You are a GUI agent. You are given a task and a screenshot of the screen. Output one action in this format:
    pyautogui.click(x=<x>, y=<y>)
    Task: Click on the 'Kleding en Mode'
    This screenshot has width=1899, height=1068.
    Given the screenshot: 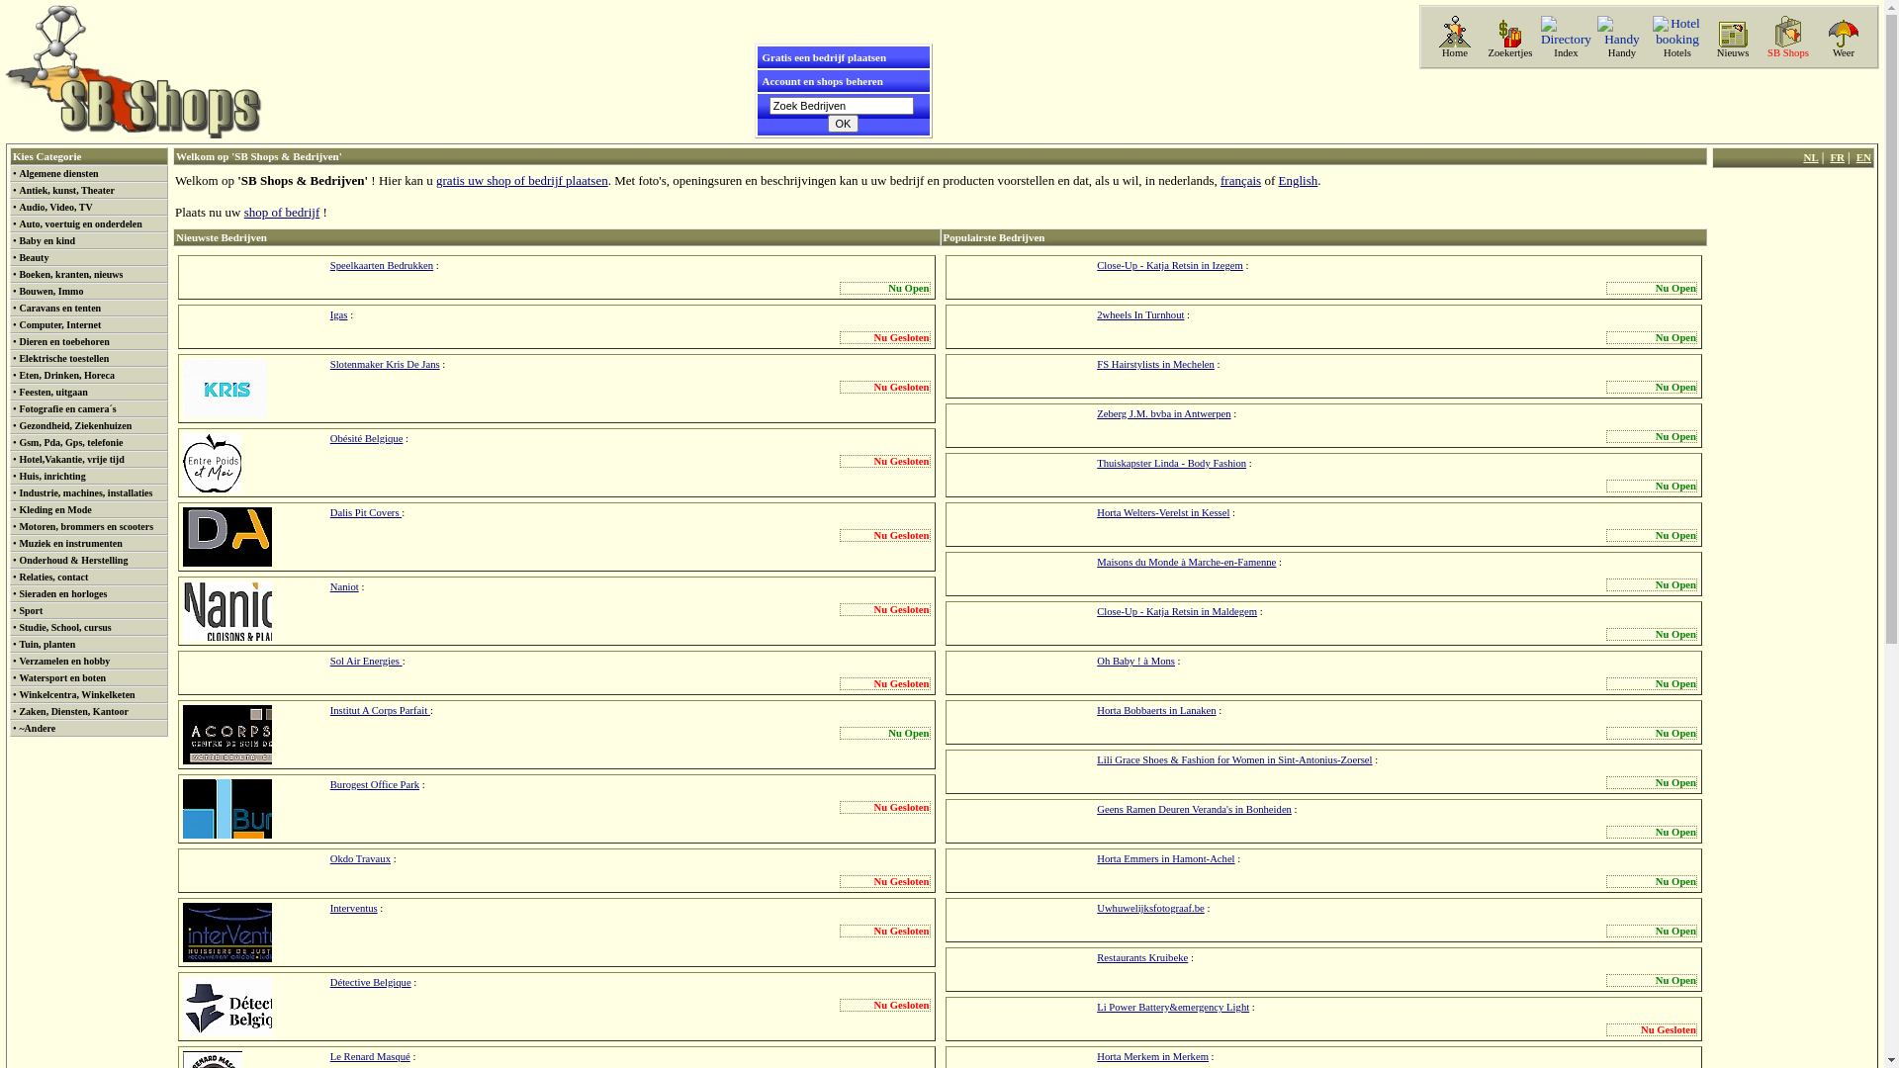 What is the action you would take?
    pyautogui.click(x=19, y=508)
    